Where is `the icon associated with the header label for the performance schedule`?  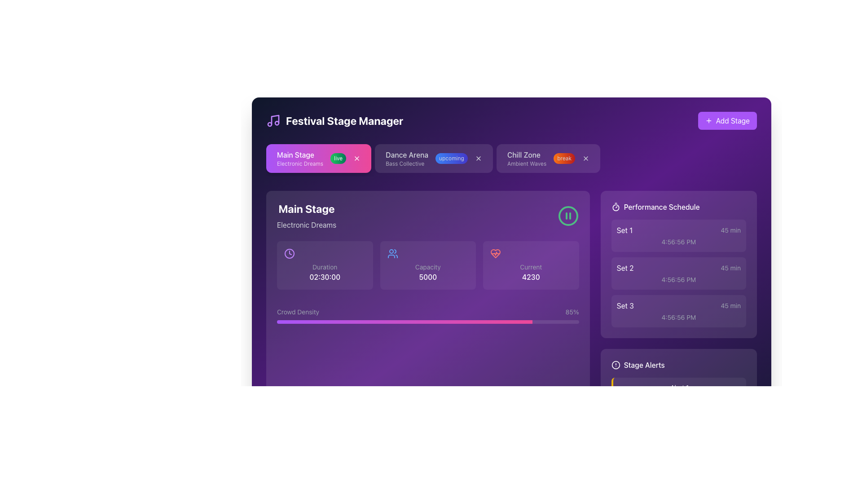
the icon associated with the header label for the performance schedule is located at coordinates (678, 207).